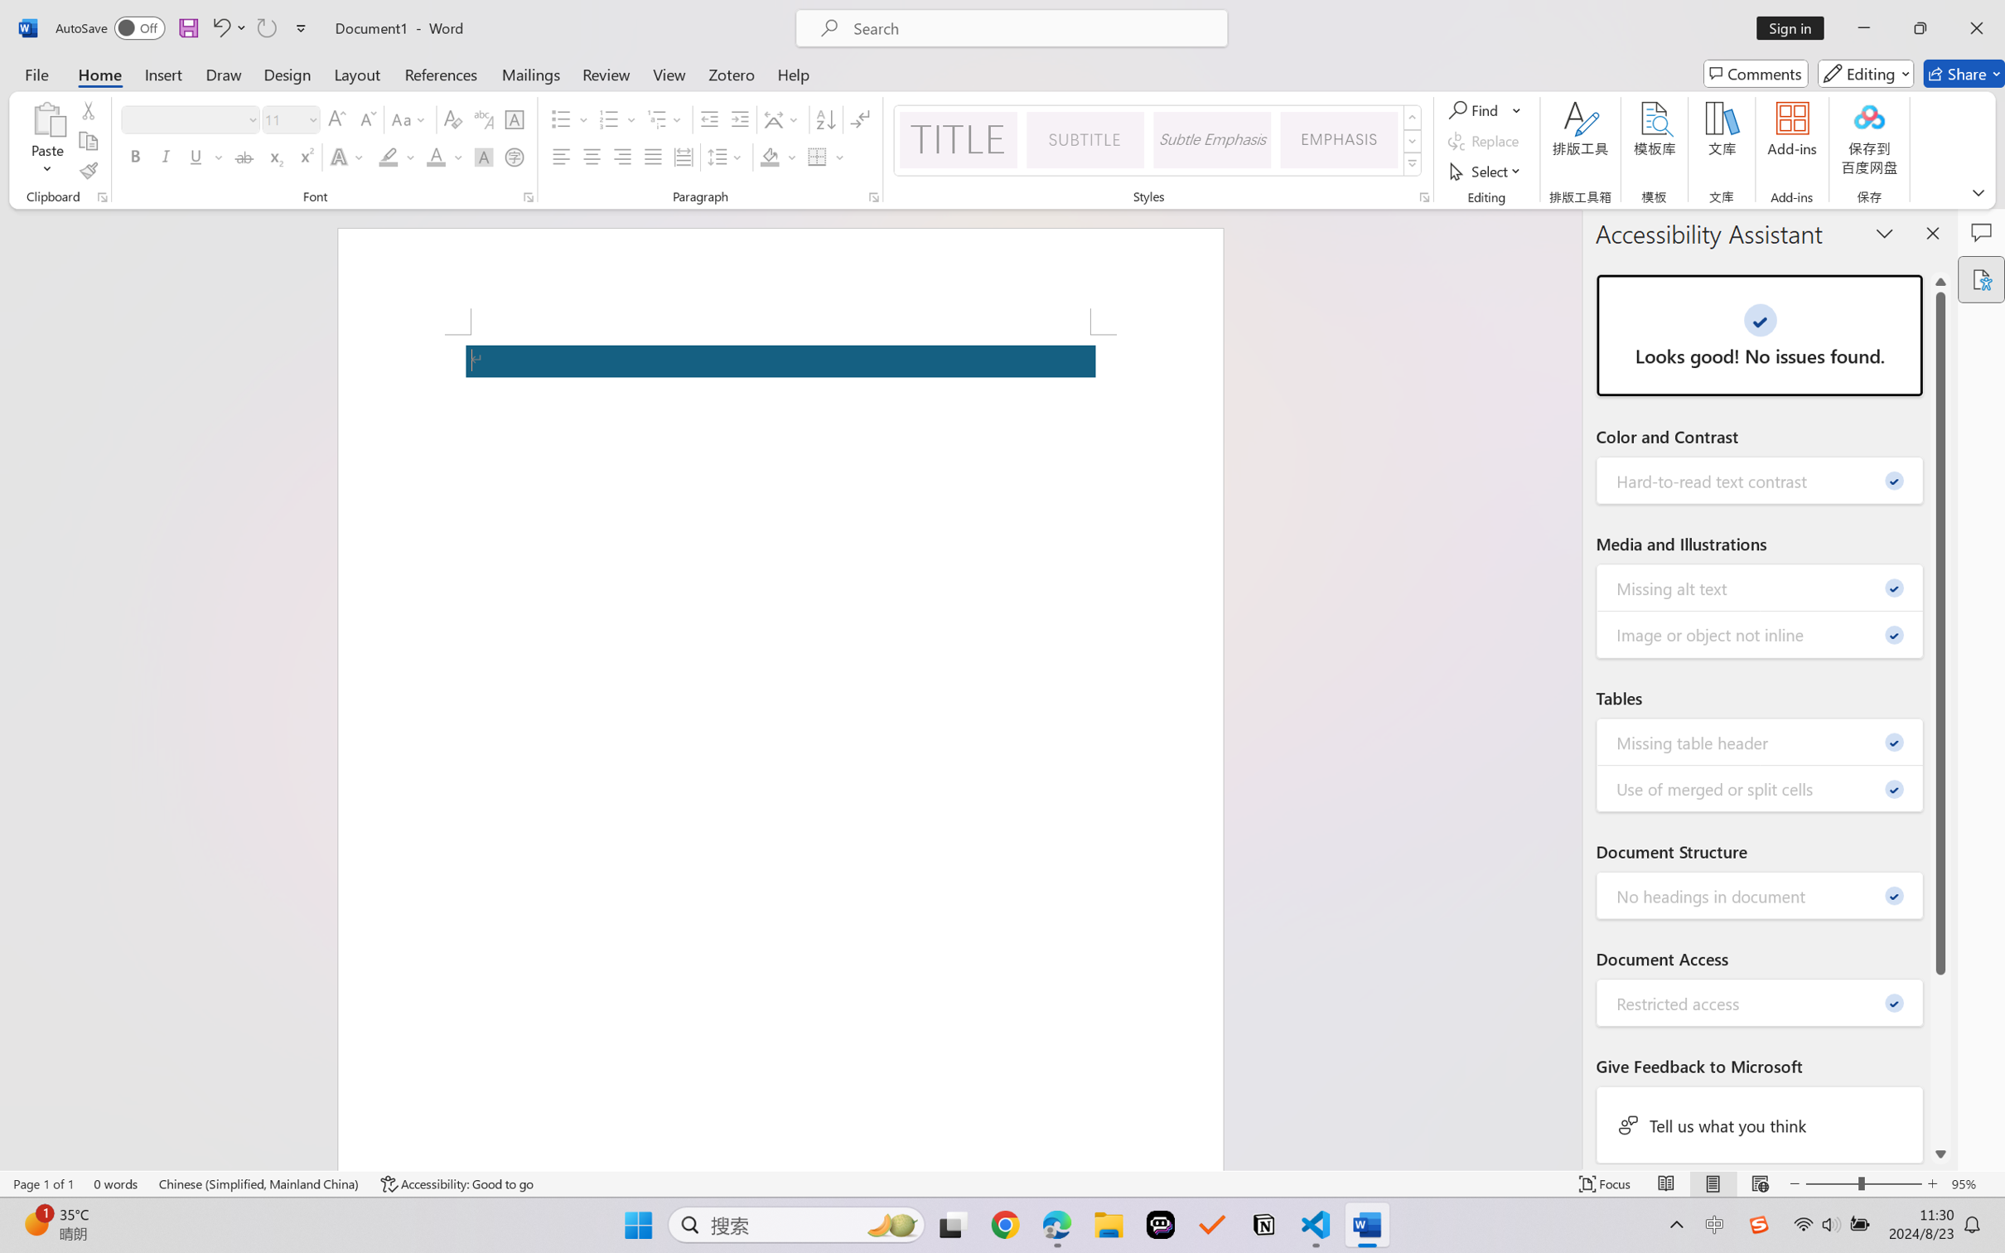 Image resolution: width=2005 pixels, height=1253 pixels. I want to click on 'Undo Apply Quick Style Set', so click(220, 27).